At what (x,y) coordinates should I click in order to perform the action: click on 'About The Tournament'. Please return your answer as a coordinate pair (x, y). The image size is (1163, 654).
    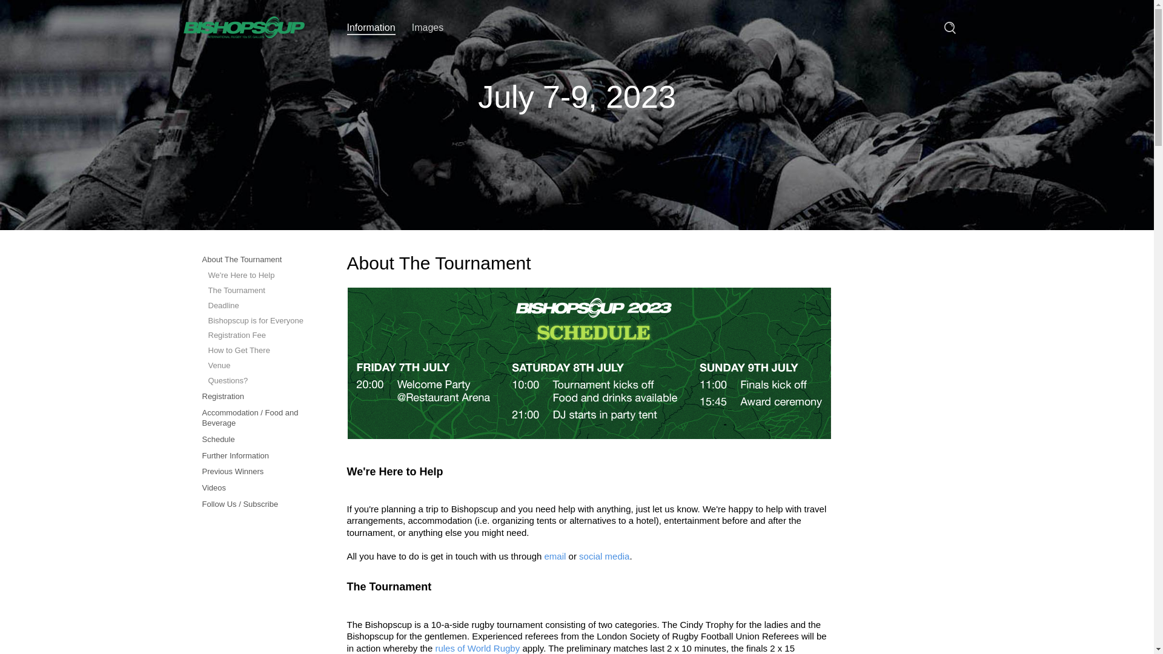
    Looking at the image, I should click on (256, 259).